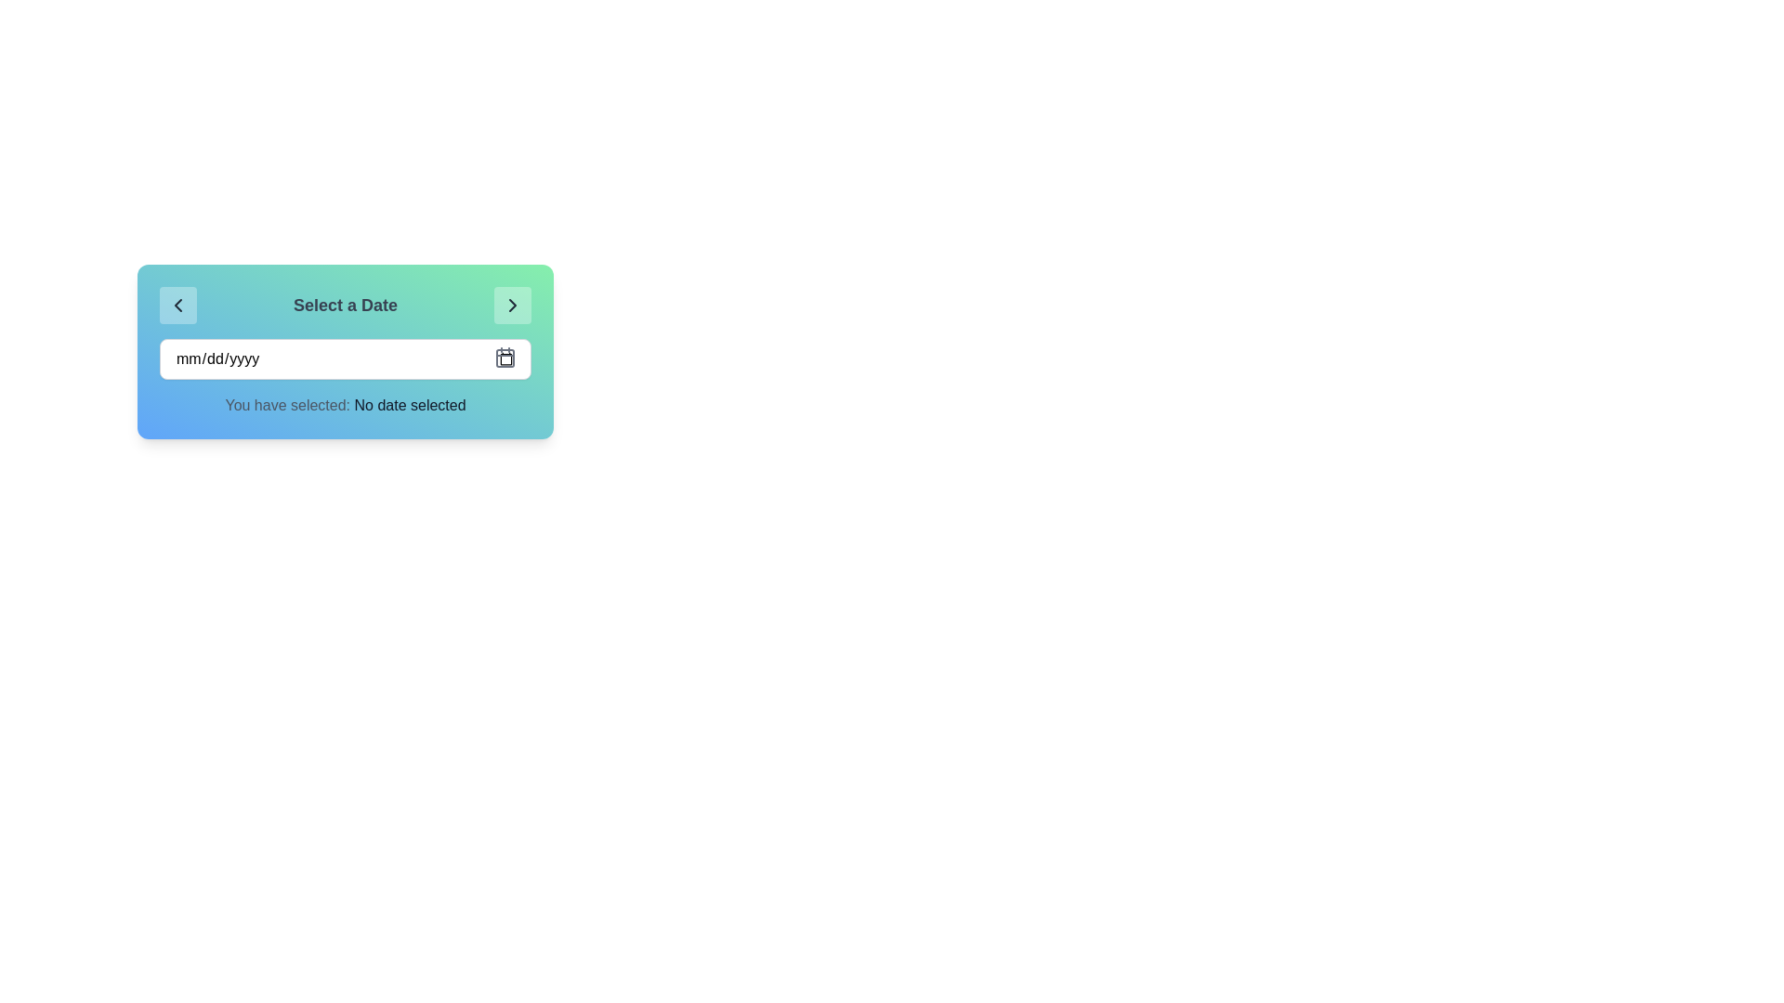 This screenshot has height=1003, width=1784. Describe the element at coordinates (178, 304) in the screenshot. I see `the leftward-pointing chevron icon button located in the top-left corner of the 'Select a Date' box` at that location.